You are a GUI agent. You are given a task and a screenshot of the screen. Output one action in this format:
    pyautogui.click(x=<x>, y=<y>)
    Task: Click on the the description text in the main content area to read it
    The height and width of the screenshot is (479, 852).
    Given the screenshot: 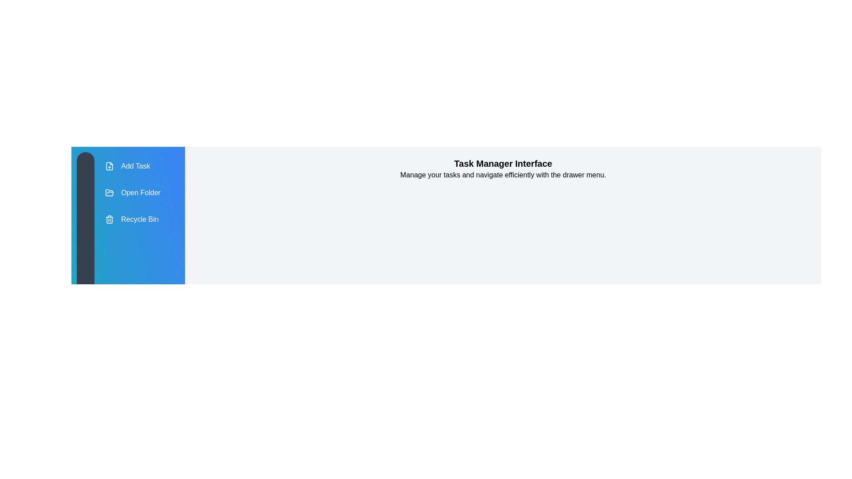 What is the action you would take?
    pyautogui.click(x=503, y=175)
    